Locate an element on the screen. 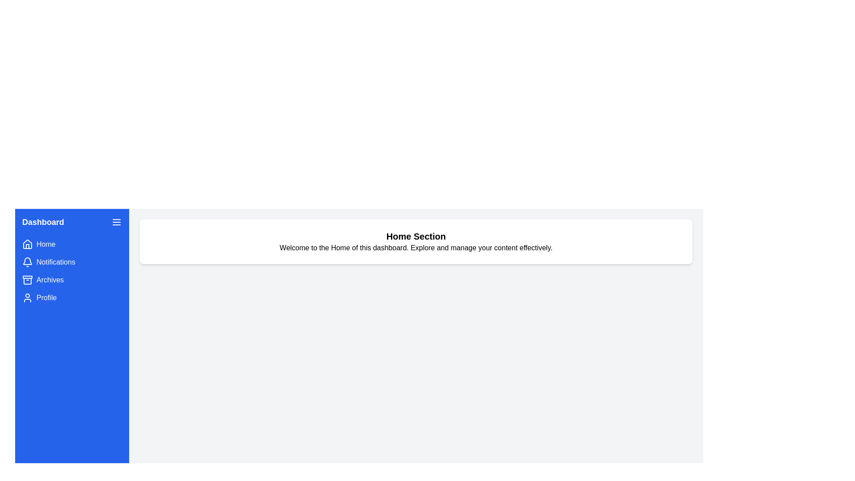 Image resolution: width=855 pixels, height=481 pixels. the title text element located at the upper part of the center section of the interface is located at coordinates (415, 236).